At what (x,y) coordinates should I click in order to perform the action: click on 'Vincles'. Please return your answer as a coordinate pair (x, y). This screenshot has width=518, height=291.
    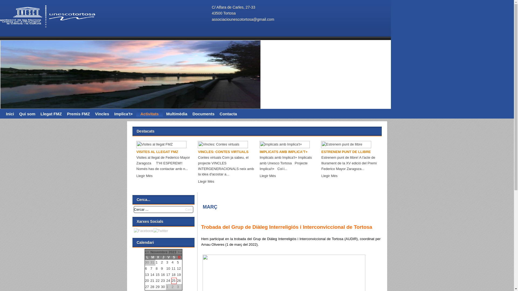
    Looking at the image, I should click on (93, 114).